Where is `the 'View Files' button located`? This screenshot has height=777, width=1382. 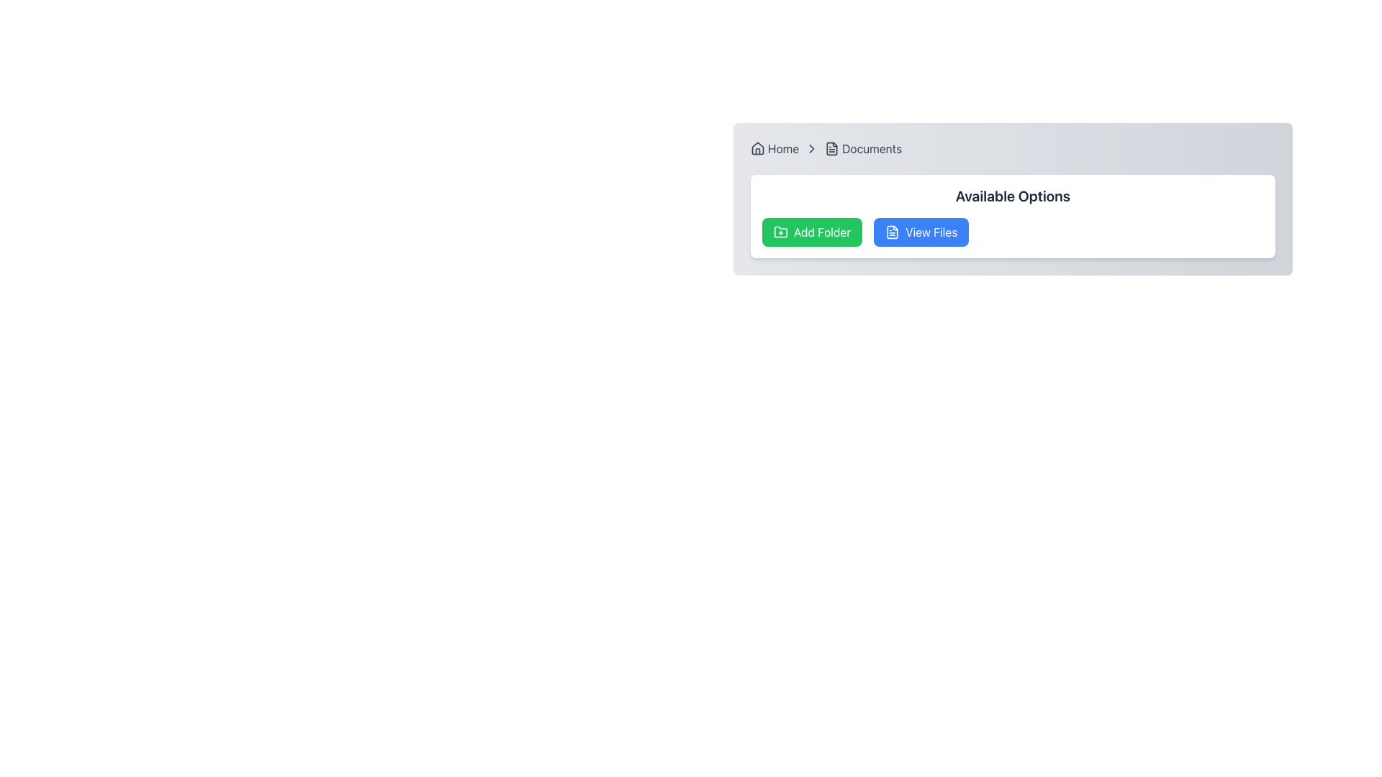 the 'View Files' button located is located at coordinates (931, 232).